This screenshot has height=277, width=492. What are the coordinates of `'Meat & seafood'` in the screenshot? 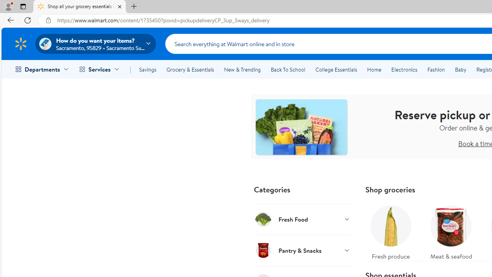 It's located at (451, 230).